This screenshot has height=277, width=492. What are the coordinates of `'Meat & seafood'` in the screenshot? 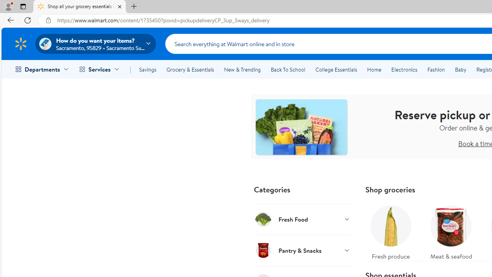 It's located at (451, 230).